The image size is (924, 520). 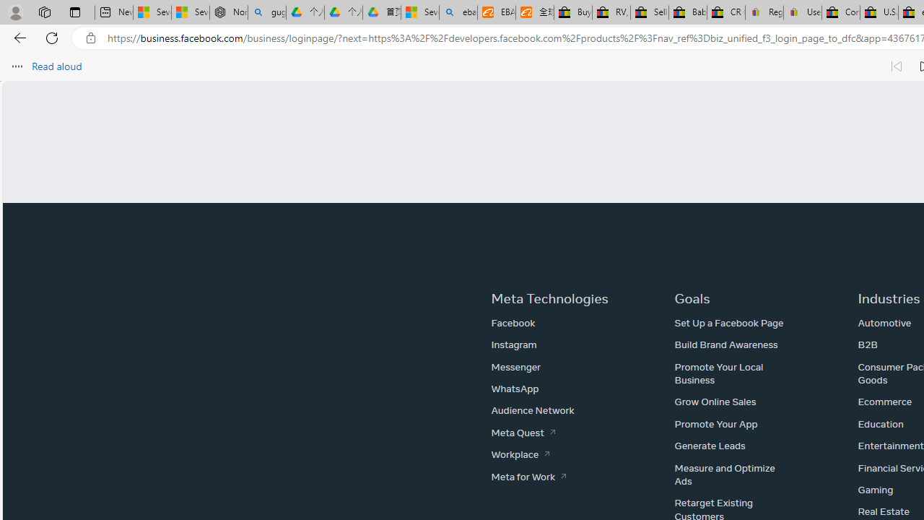 I want to click on 'Ecommerce', so click(x=884, y=402).